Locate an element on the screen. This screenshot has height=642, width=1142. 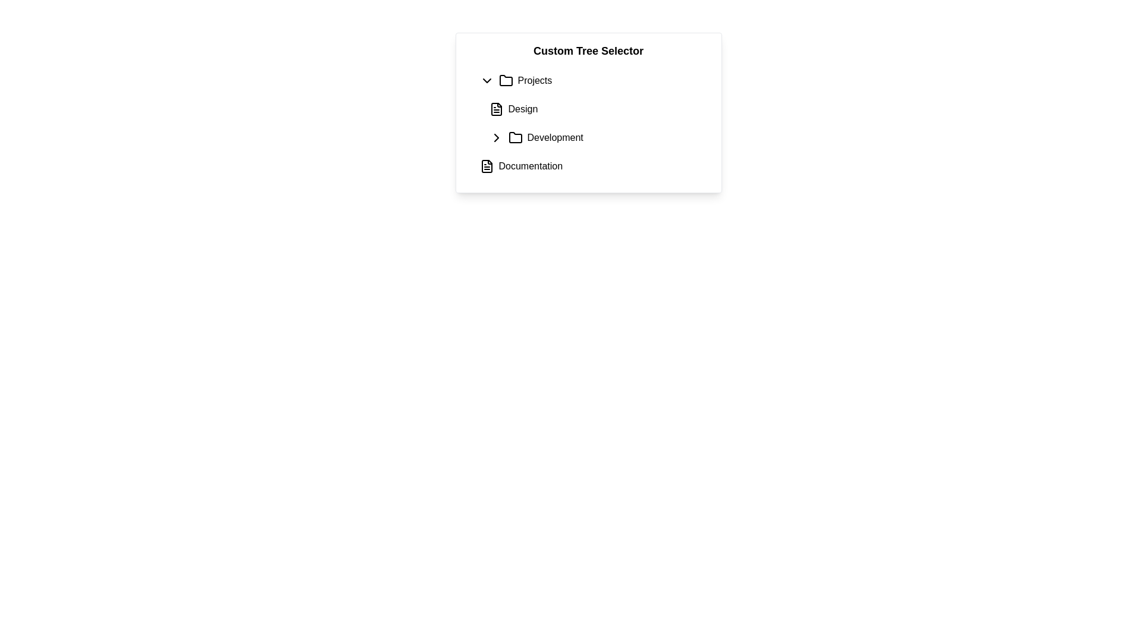
the folder icon representing the 'Development' category in the Projects section of the tree view is located at coordinates (515, 137).